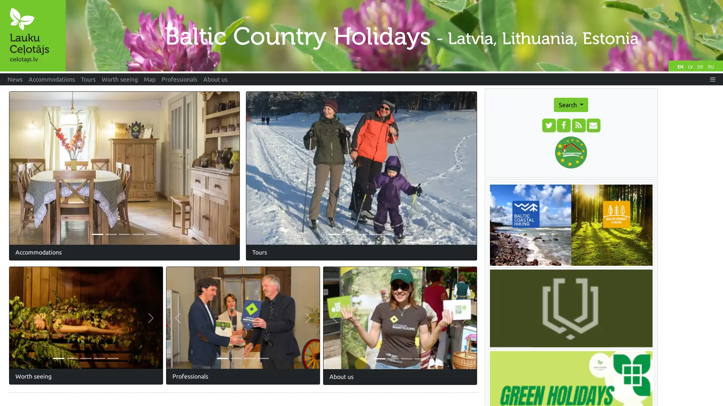 This screenshot has width=723, height=406. What do you see at coordinates (26, 168) in the screenshot?
I see `Previous` at bounding box center [26, 168].